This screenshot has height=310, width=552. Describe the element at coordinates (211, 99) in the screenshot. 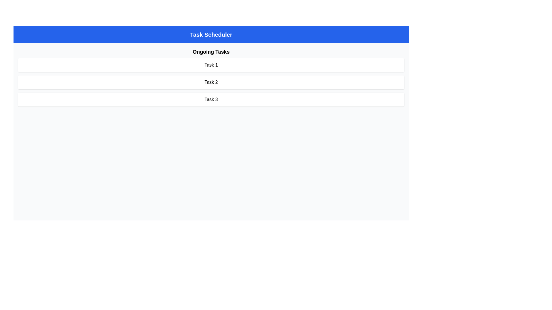

I see `the text 'Task 3' within the rounded rectangular box that functions as a task item in the list` at that location.